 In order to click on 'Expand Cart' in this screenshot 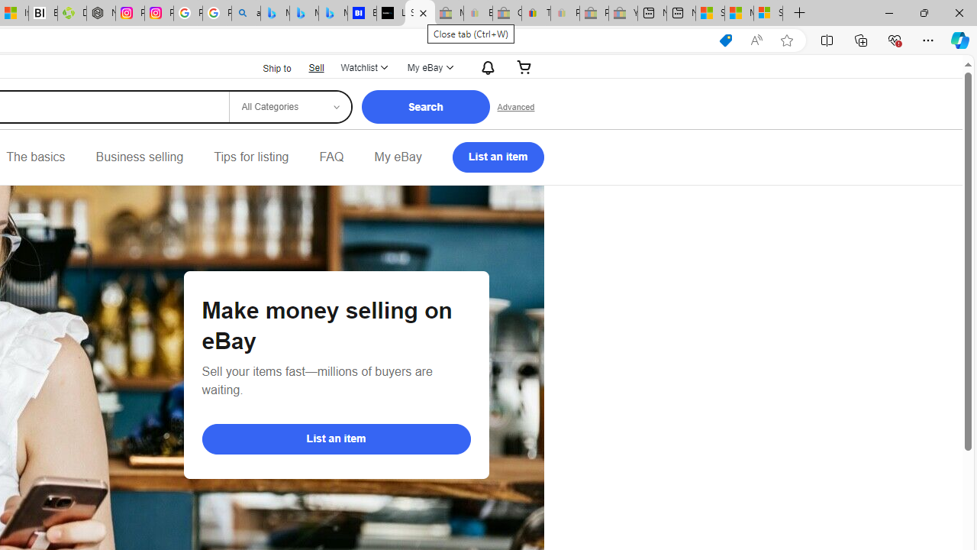, I will do `click(524, 66)`.